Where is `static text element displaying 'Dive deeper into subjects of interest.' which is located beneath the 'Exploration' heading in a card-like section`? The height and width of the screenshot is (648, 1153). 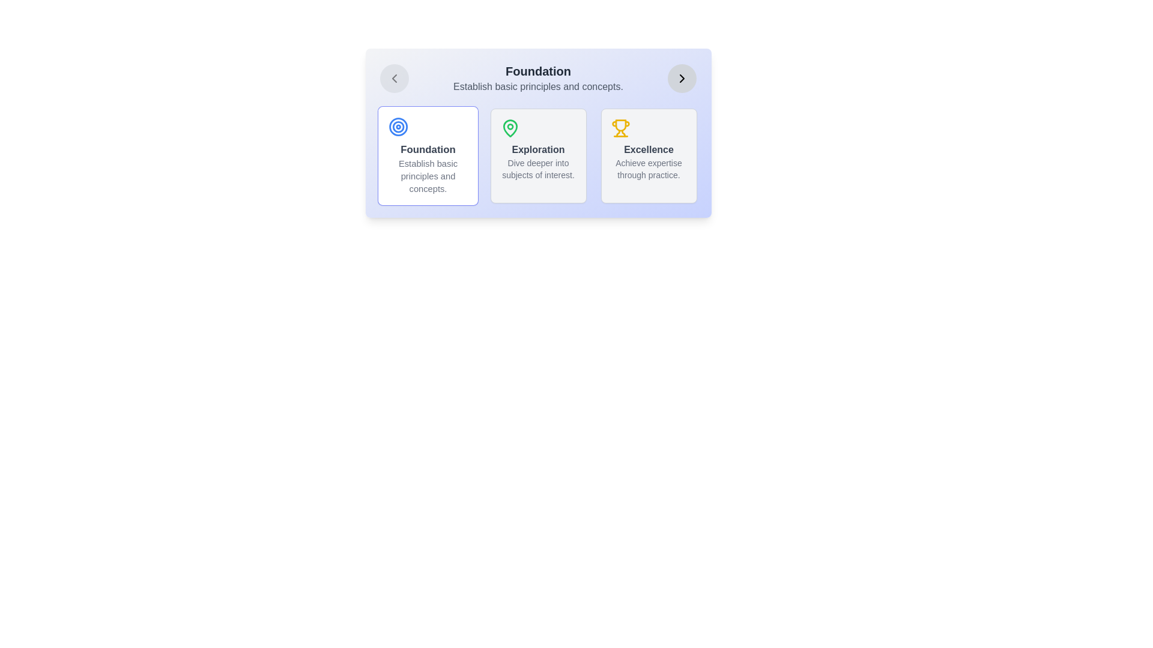
static text element displaying 'Dive deeper into subjects of interest.' which is located beneath the 'Exploration' heading in a card-like section is located at coordinates (537, 169).